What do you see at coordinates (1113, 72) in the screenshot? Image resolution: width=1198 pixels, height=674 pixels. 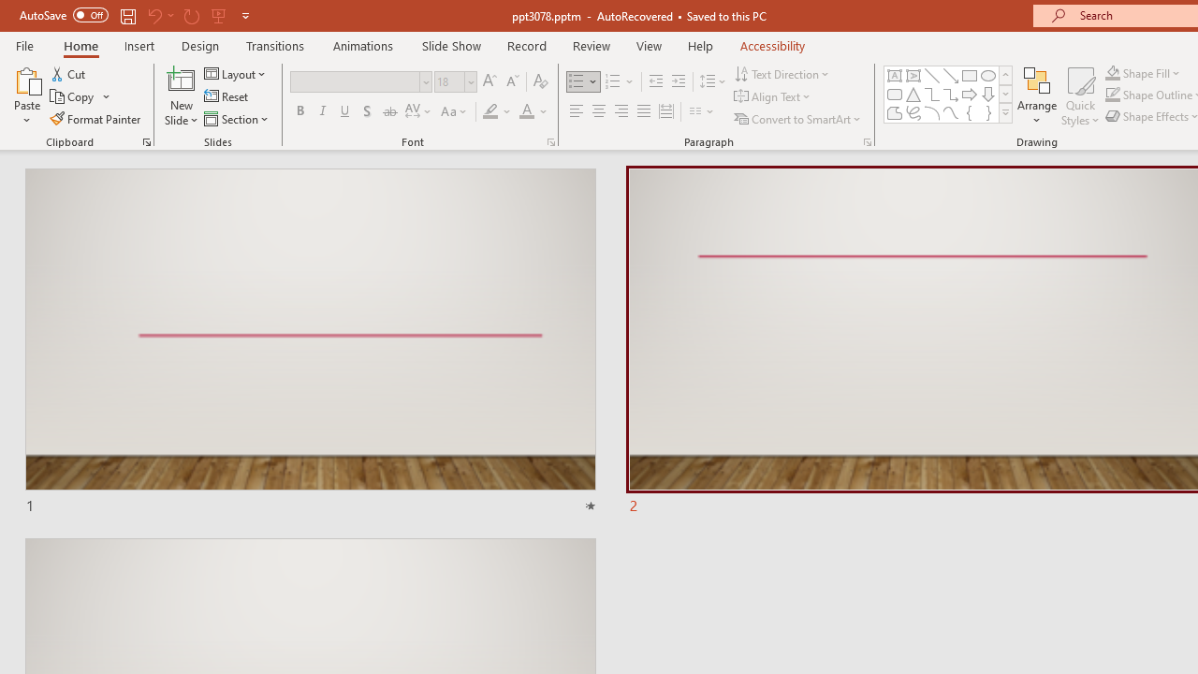 I see `'Shape Fill Dark Green, Accent 2'` at bounding box center [1113, 72].